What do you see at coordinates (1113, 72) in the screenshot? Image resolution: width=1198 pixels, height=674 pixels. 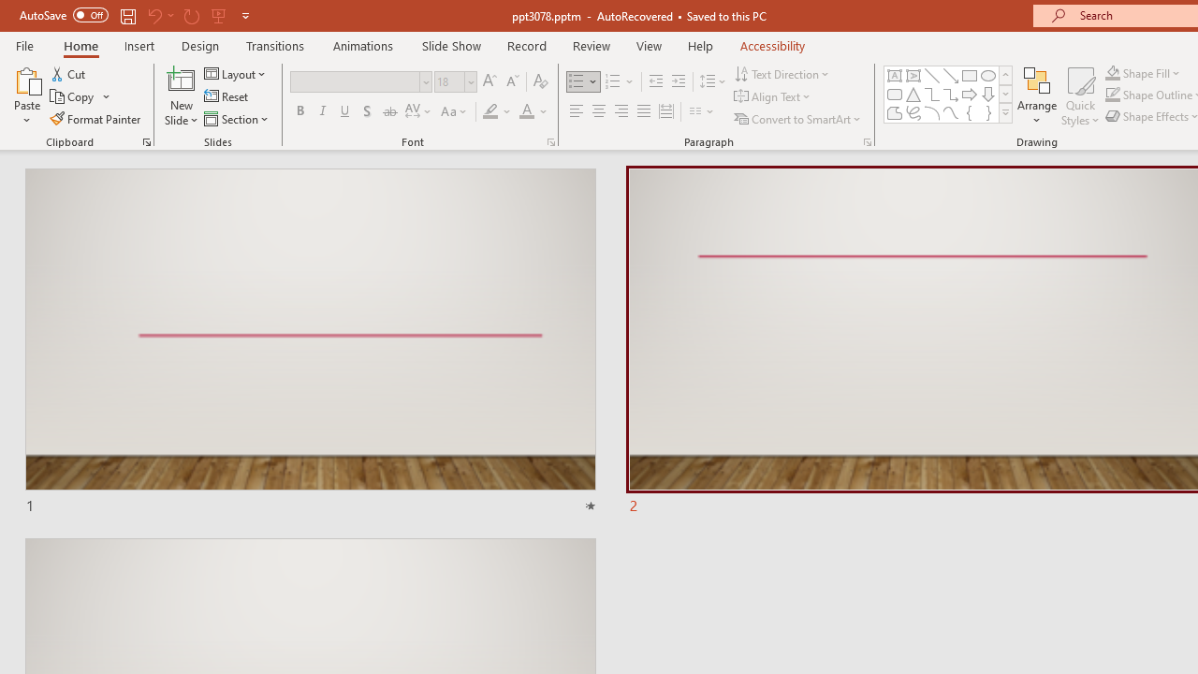 I see `'Shape Fill Dark Green, Accent 2'` at bounding box center [1113, 72].